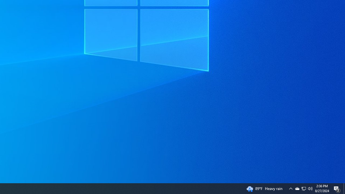 This screenshot has width=345, height=194. Describe the element at coordinates (304, 188) in the screenshot. I see `'Notification Chevron'` at that location.